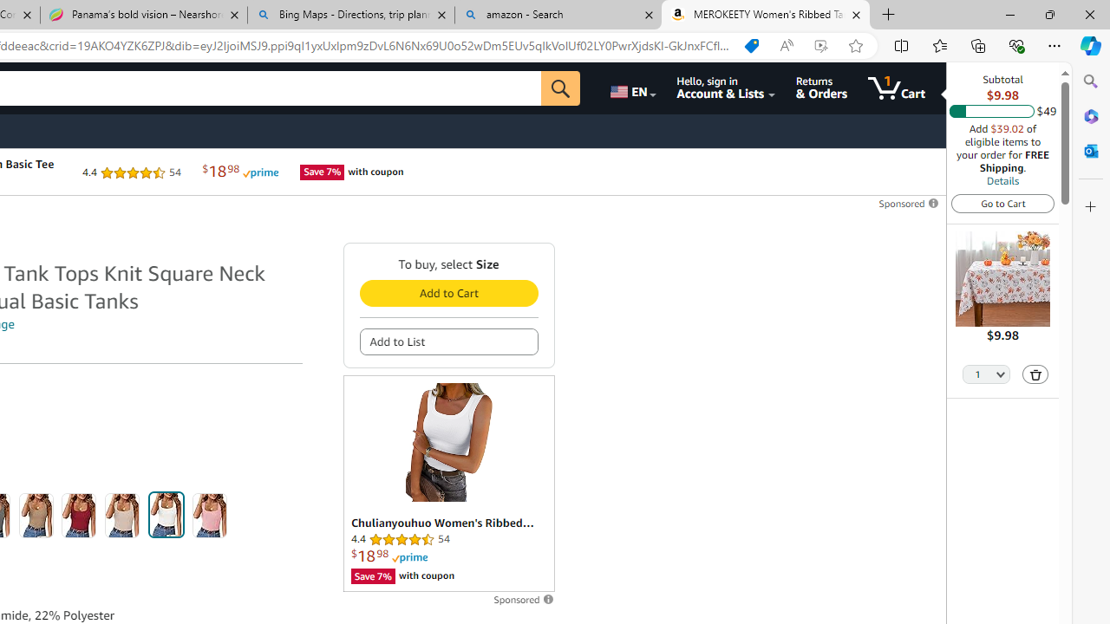  Describe the element at coordinates (897, 88) in the screenshot. I see `'1 item in cart'` at that location.